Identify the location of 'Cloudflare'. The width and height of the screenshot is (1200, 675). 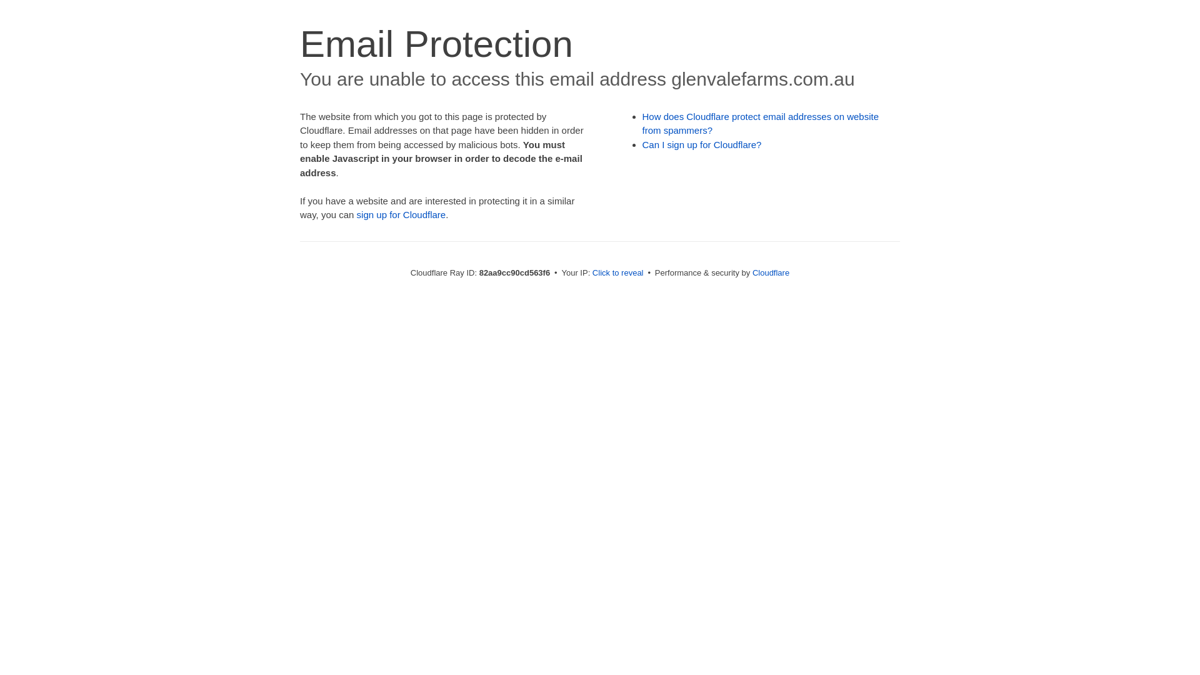
(770, 272).